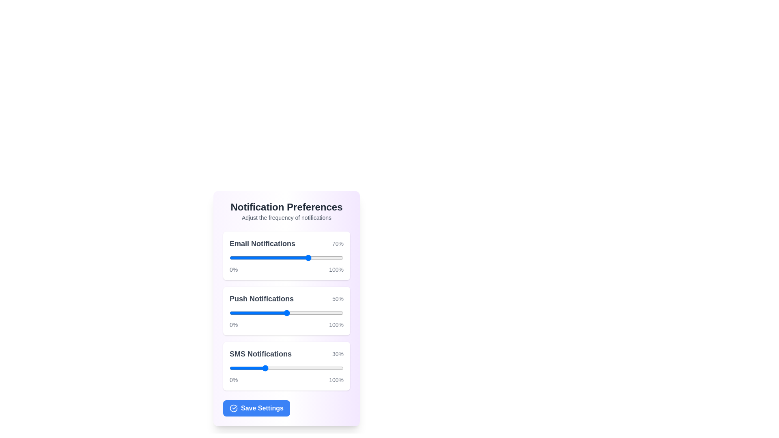 This screenshot has height=438, width=779. Describe the element at coordinates (281, 368) in the screenshot. I see `SMS notification slider` at that location.